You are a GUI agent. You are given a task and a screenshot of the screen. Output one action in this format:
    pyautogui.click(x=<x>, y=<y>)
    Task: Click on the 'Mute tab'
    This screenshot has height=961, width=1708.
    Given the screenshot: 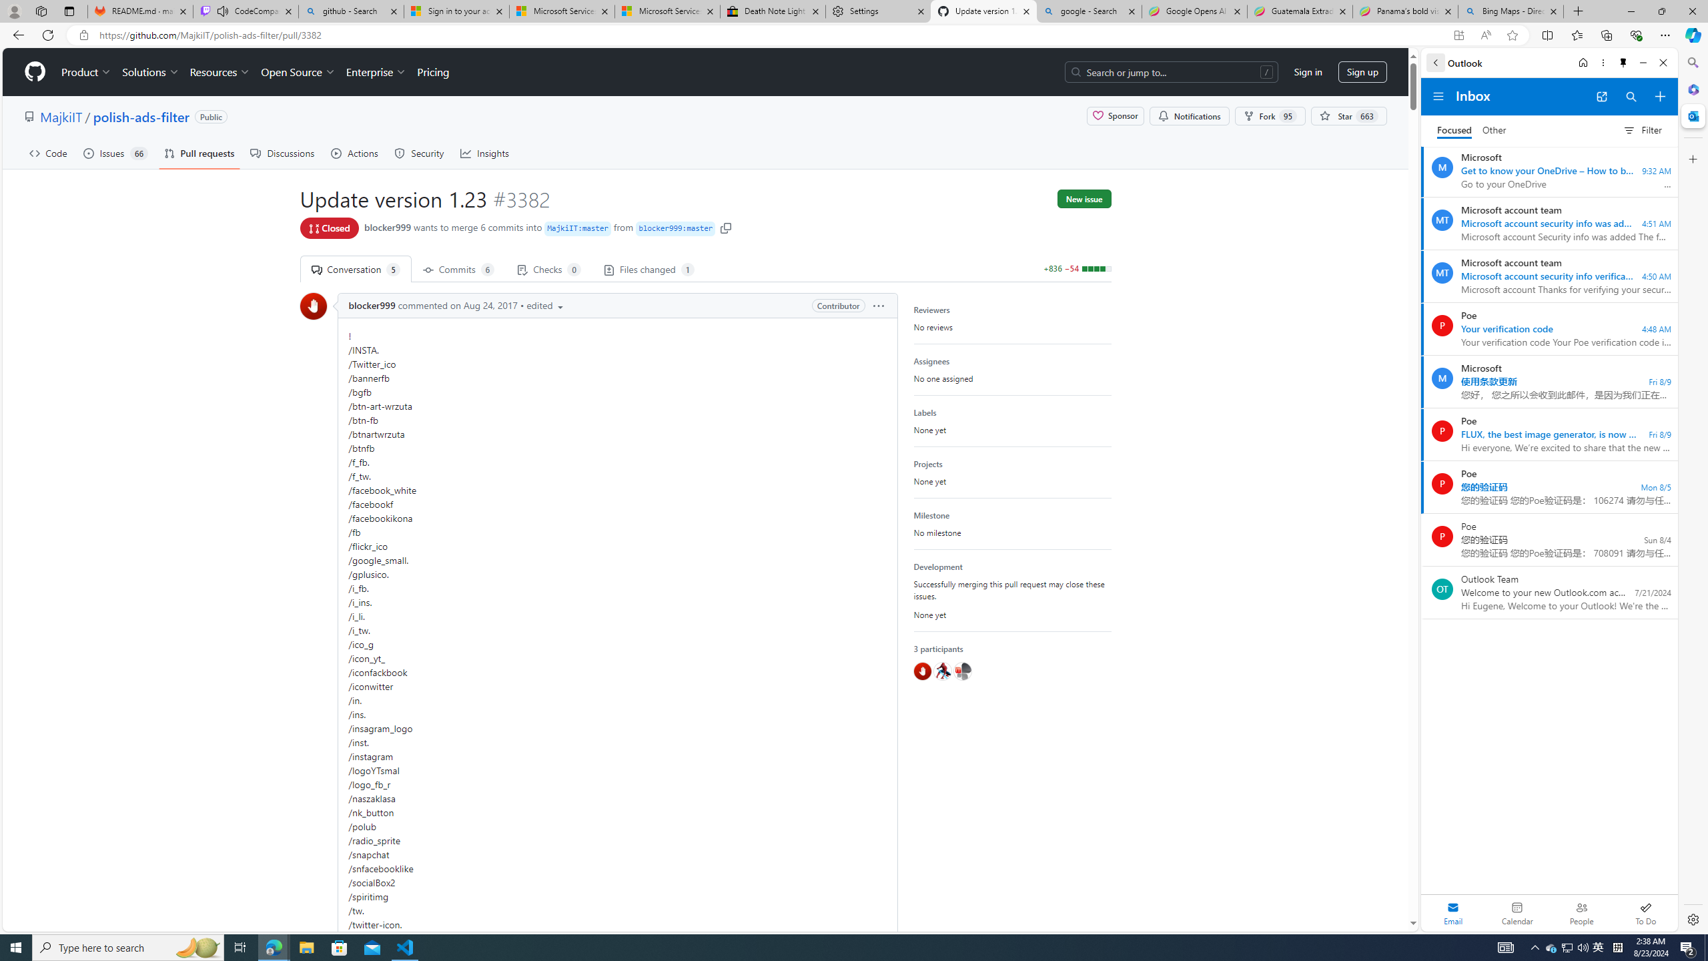 What is the action you would take?
    pyautogui.click(x=223, y=10)
    